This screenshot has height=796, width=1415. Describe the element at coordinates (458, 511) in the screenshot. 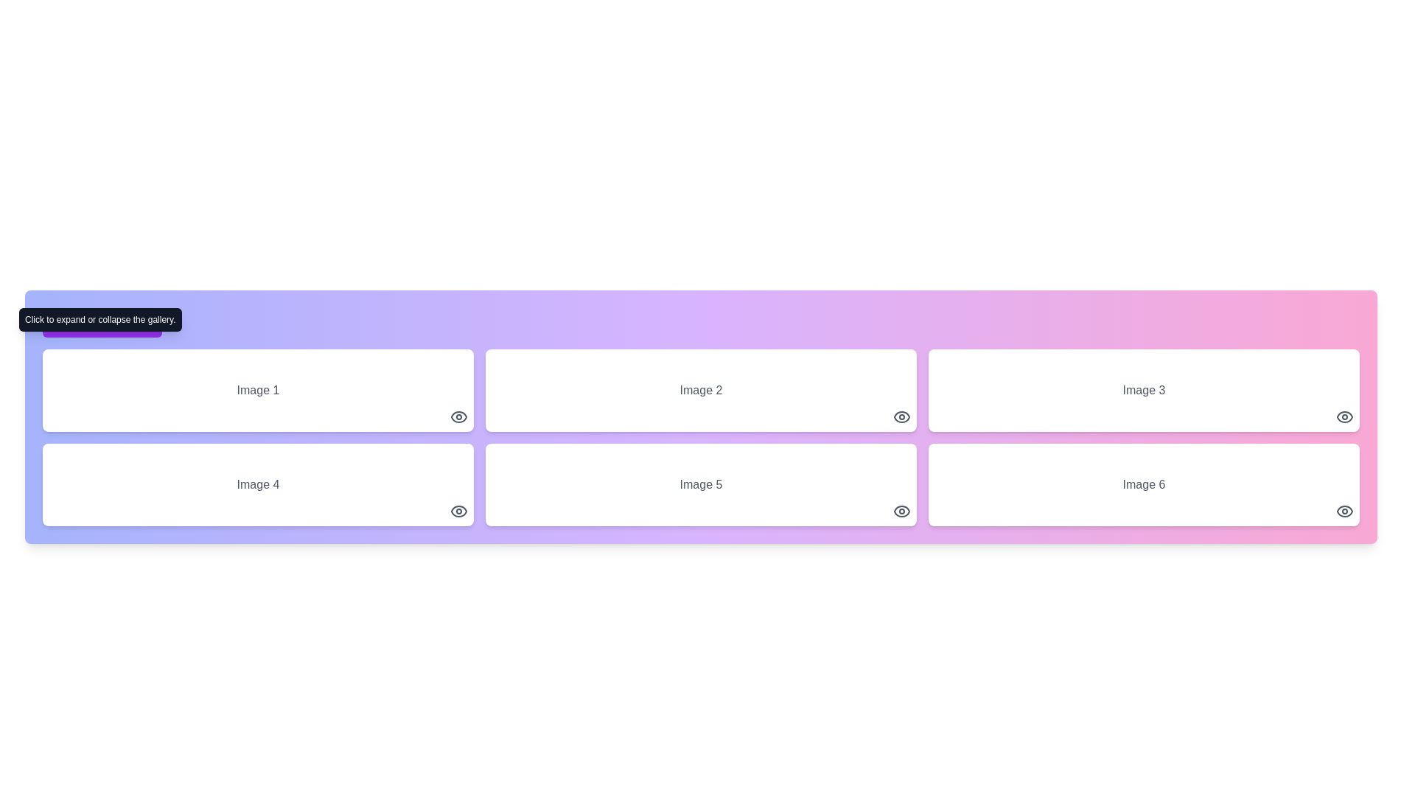

I see `the eye icon button located in the bottom-right corner of the 'Image 4' card to change its color to black` at that location.